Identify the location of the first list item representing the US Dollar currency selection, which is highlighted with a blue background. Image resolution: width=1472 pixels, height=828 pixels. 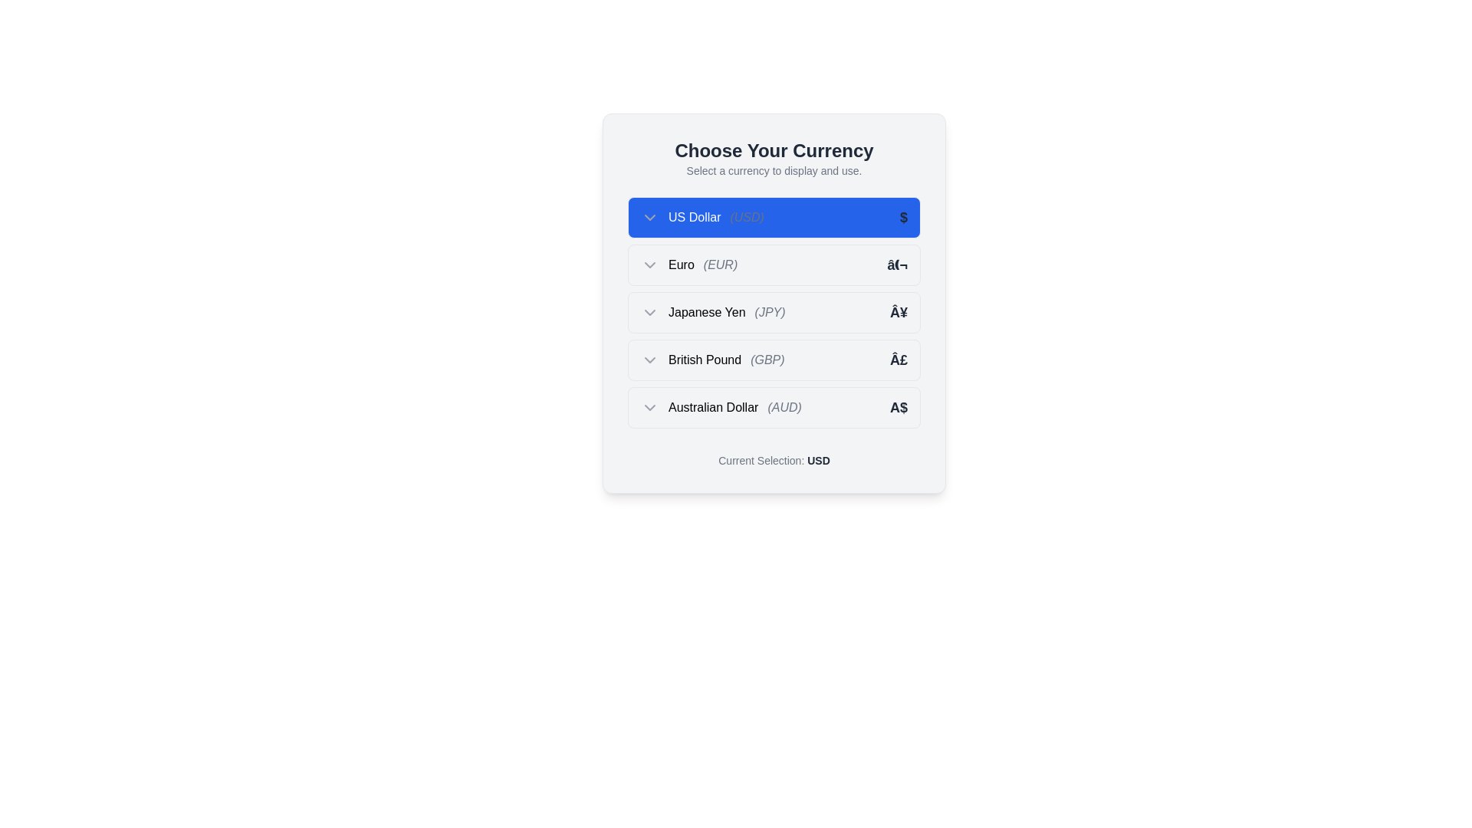
(774, 218).